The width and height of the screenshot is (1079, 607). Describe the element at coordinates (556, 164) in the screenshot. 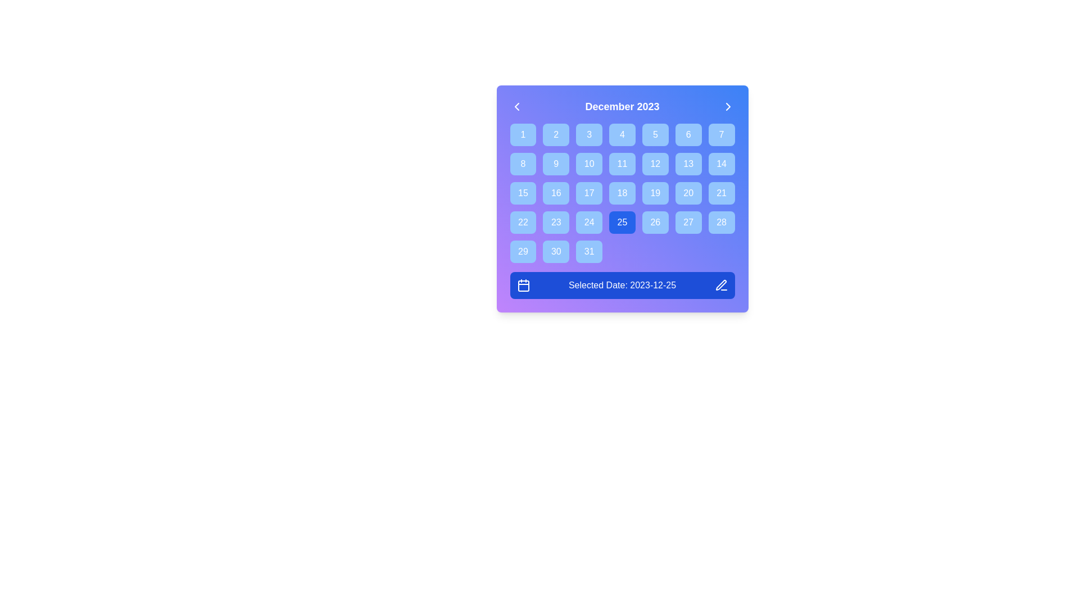

I see `the interactive button for the date '9' in the calendar grid` at that location.